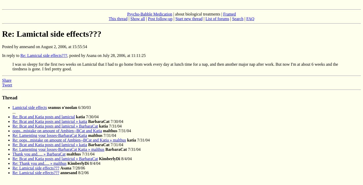  What do you see at coordinates (198, 14) in the screenshot?
I see `'|
	about biological treatments |'` at bounding box center [198, 14].